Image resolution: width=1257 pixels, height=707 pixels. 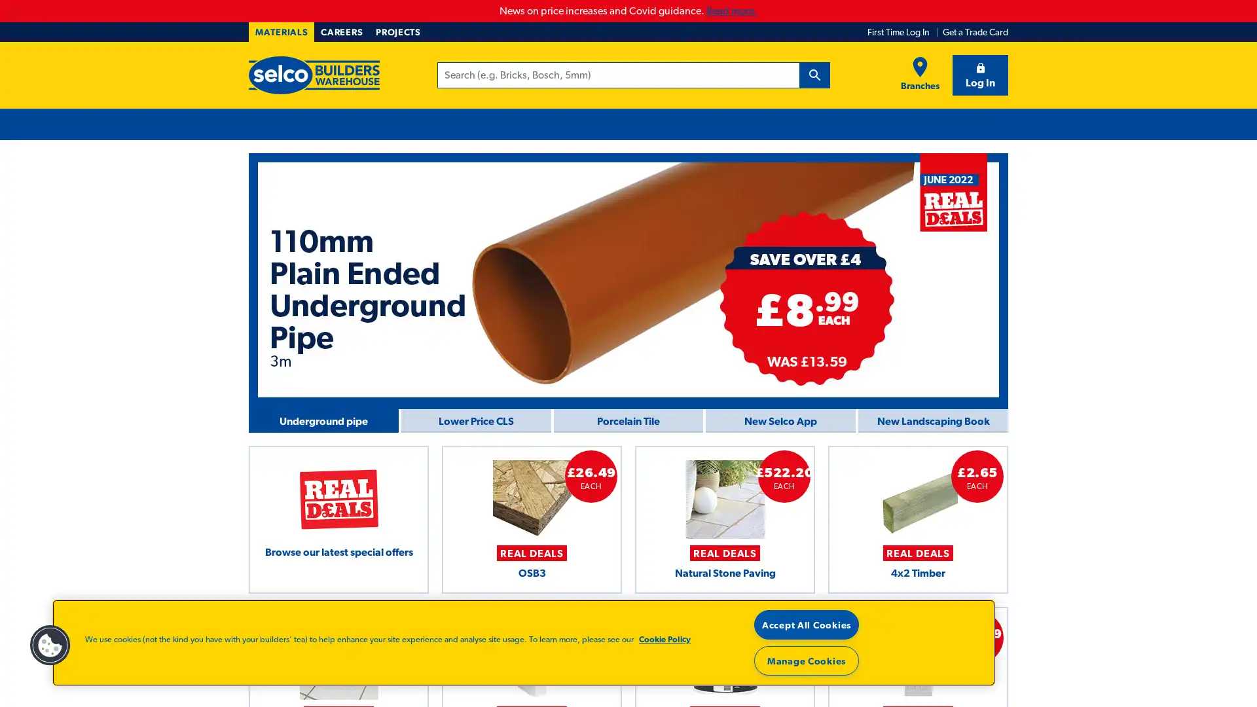 I want to click on Homepage > Carousel > june wk 4 Porcelain tile, so click(x=627, y=421).